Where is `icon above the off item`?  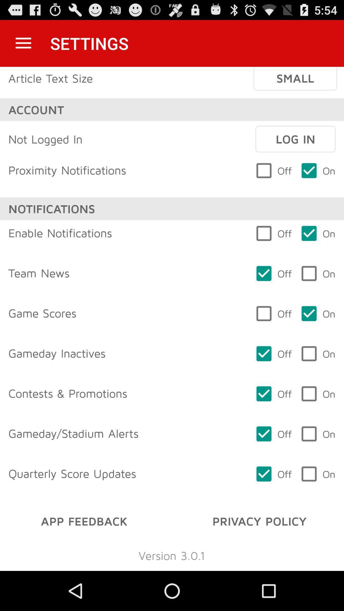
icon above the off item is located at coordinates (295, 139).